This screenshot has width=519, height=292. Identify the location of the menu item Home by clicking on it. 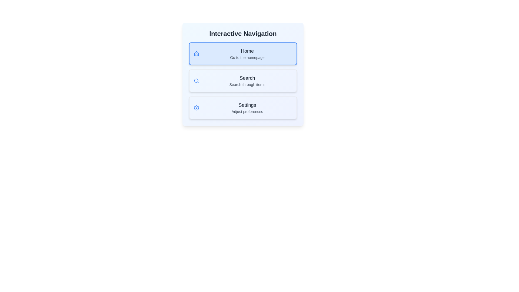
(242, 54).